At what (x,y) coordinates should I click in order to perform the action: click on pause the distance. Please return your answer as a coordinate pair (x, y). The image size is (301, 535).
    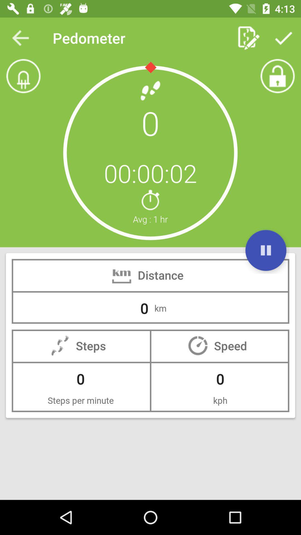
    Looking at the image, I should click on (265, 250).